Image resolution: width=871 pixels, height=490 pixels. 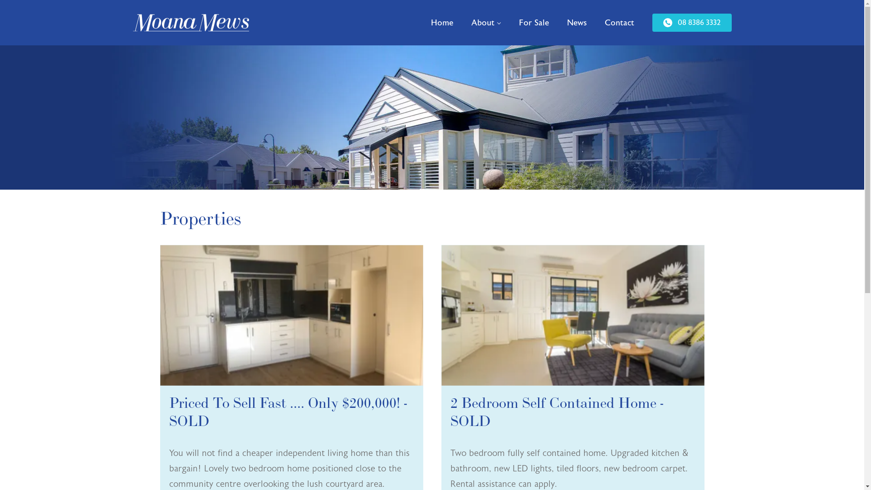 I want to click on 'About', so click(x=461, y=22).